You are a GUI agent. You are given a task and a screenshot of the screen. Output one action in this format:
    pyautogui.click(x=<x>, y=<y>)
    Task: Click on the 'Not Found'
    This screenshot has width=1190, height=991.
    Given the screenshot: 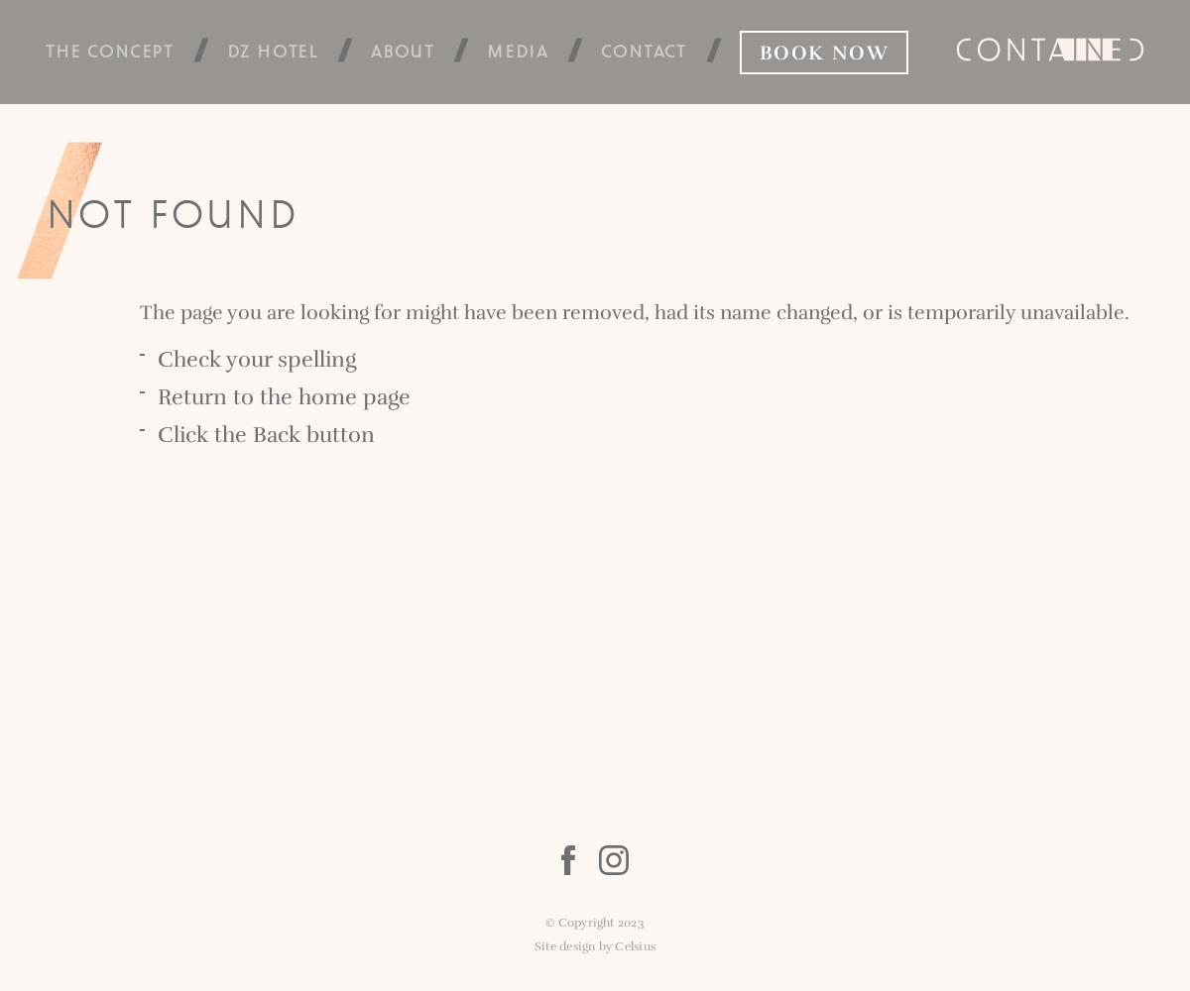 What is the action you would take?
    pyautogui.click(x=171, y=212)
    